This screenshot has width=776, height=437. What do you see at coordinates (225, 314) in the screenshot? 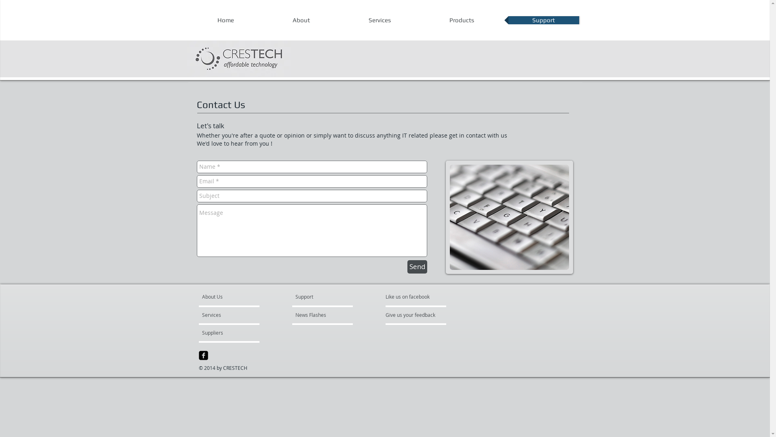
I see `'Services'` at bounding box center [225, 314].